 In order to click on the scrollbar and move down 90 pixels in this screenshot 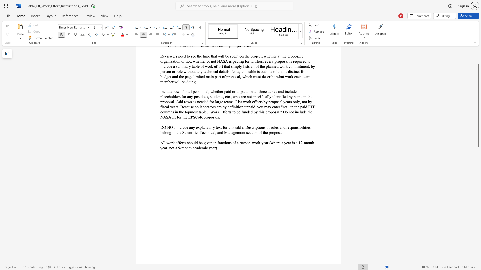, I will do `click(478, 105)`.